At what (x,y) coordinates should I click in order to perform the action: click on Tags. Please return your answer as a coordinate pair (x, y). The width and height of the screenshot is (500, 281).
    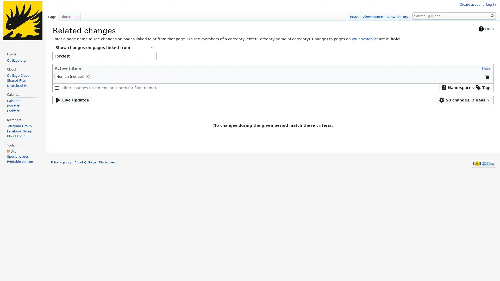
    Looking at the image, I should click on (483, 87).